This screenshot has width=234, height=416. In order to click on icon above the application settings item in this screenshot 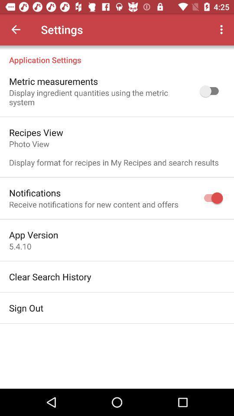, I will do `click(222, 29)`.